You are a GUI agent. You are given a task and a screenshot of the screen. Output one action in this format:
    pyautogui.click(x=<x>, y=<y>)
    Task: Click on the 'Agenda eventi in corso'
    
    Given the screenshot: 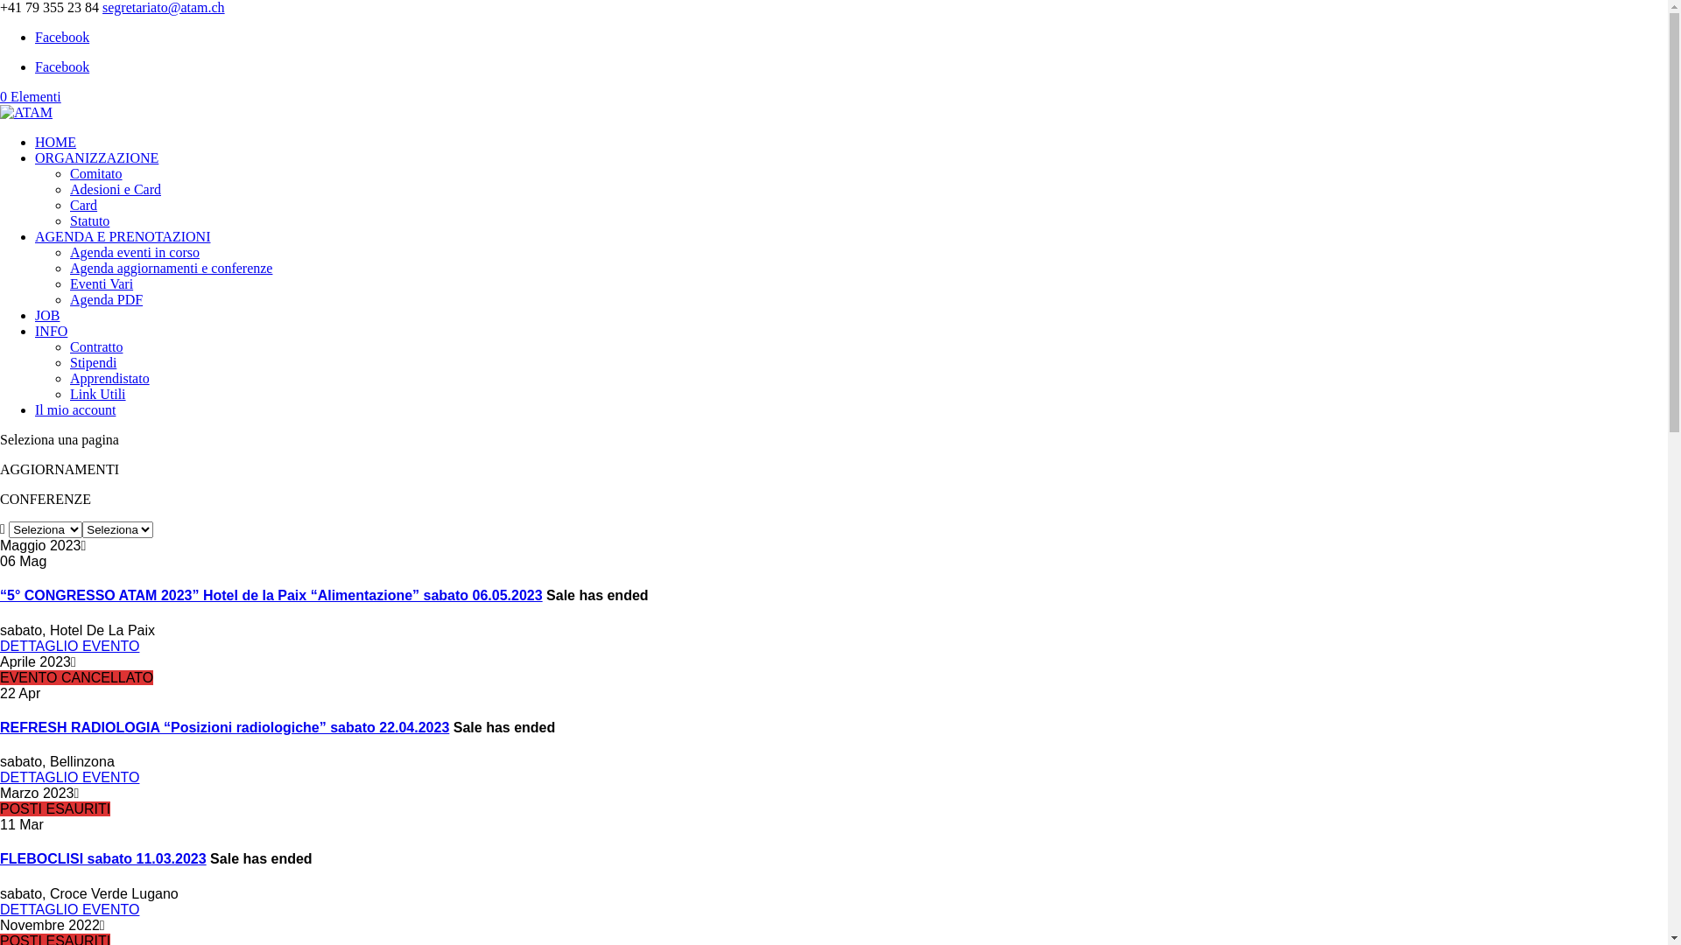 What is the action you would take?
    pyautogui.click(x=70, y=252)
    